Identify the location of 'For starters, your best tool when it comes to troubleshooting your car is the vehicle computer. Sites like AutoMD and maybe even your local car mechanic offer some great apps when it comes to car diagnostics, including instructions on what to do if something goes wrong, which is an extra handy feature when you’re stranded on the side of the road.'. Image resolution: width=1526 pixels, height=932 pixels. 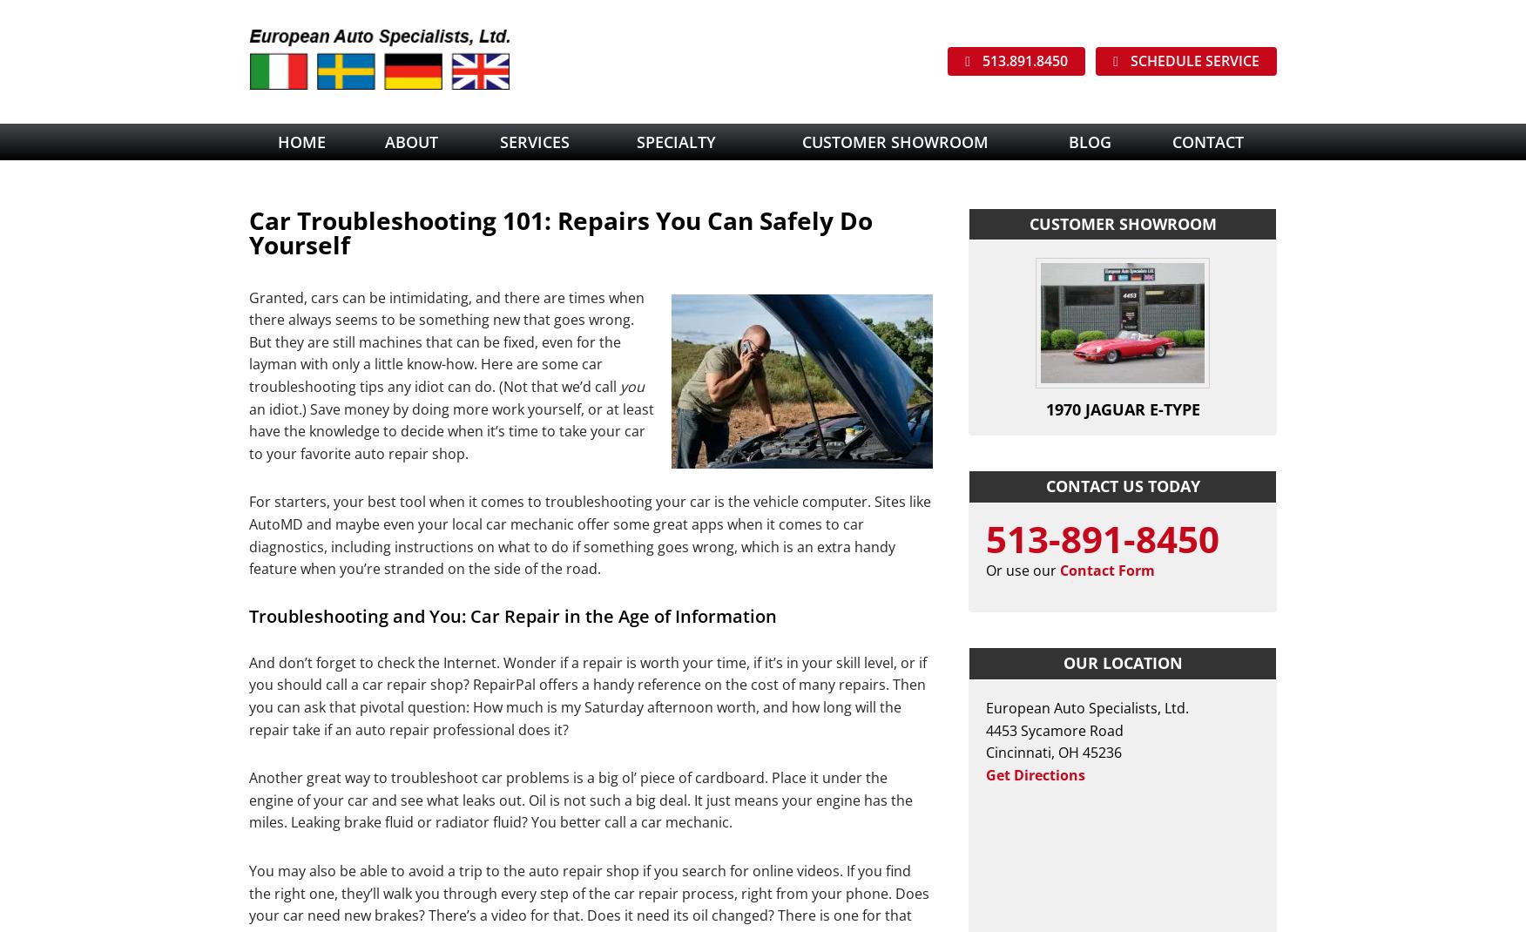
(589, 534).